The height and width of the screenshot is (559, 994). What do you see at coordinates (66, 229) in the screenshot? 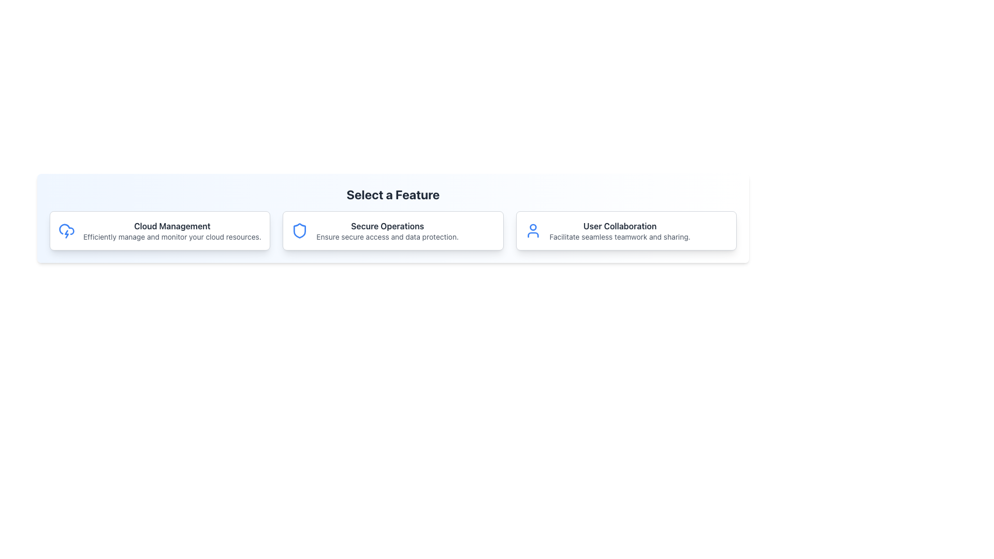
I see `the cloud-shaped vector graphic icon located in the 'Cloud Management' panel, which features a distinct blue color scheme and a sharper edge design` at bounding box center [66, 229].